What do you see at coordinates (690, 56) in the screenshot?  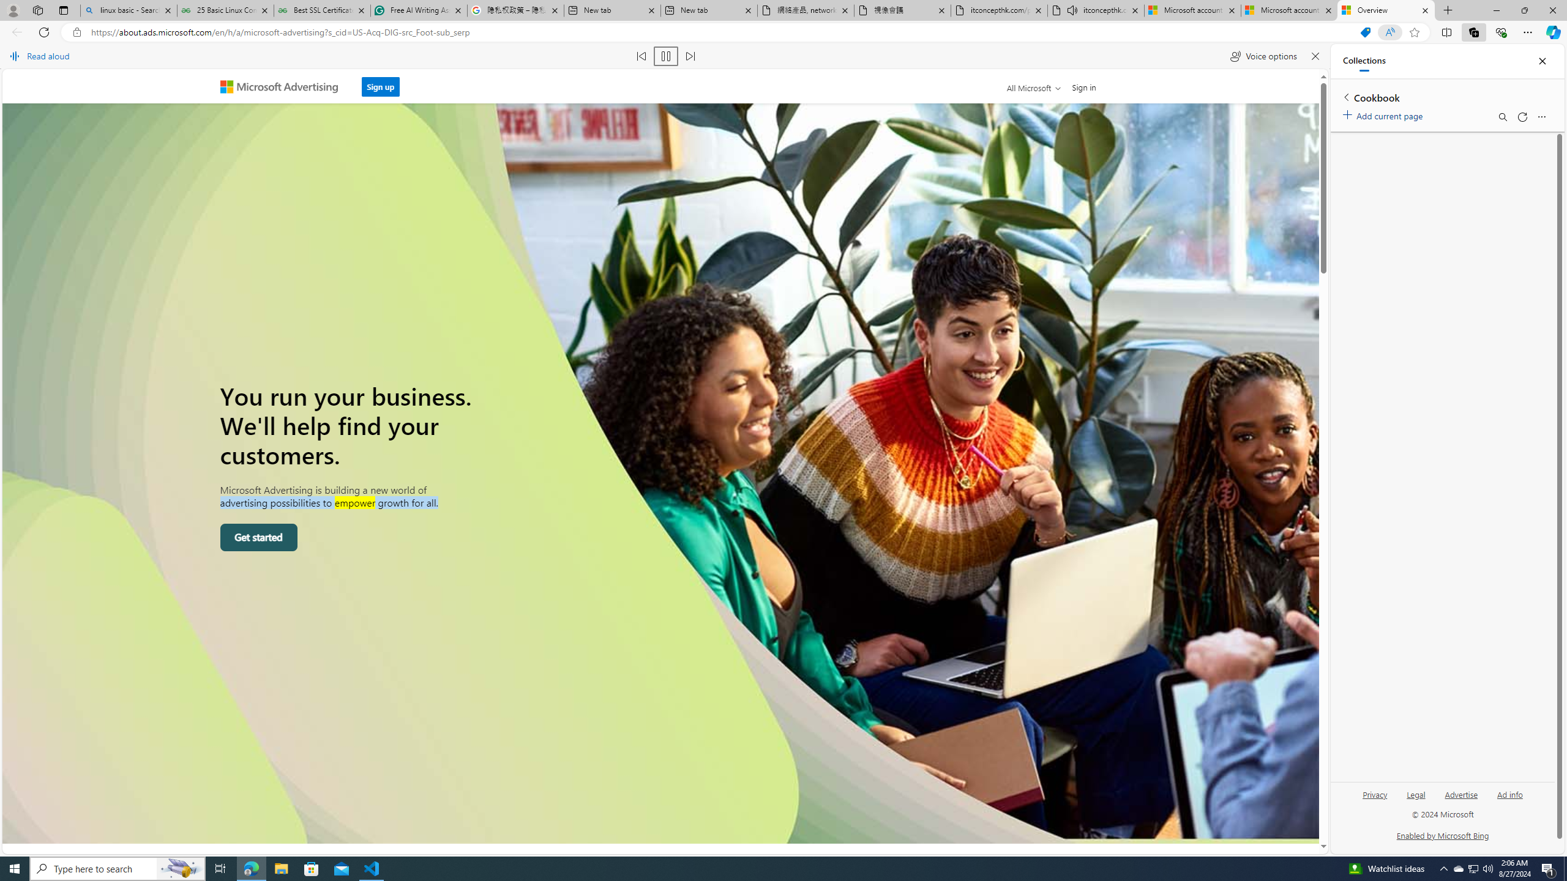 I see `'Read next paragraph'` at bounding box center [690, 56].